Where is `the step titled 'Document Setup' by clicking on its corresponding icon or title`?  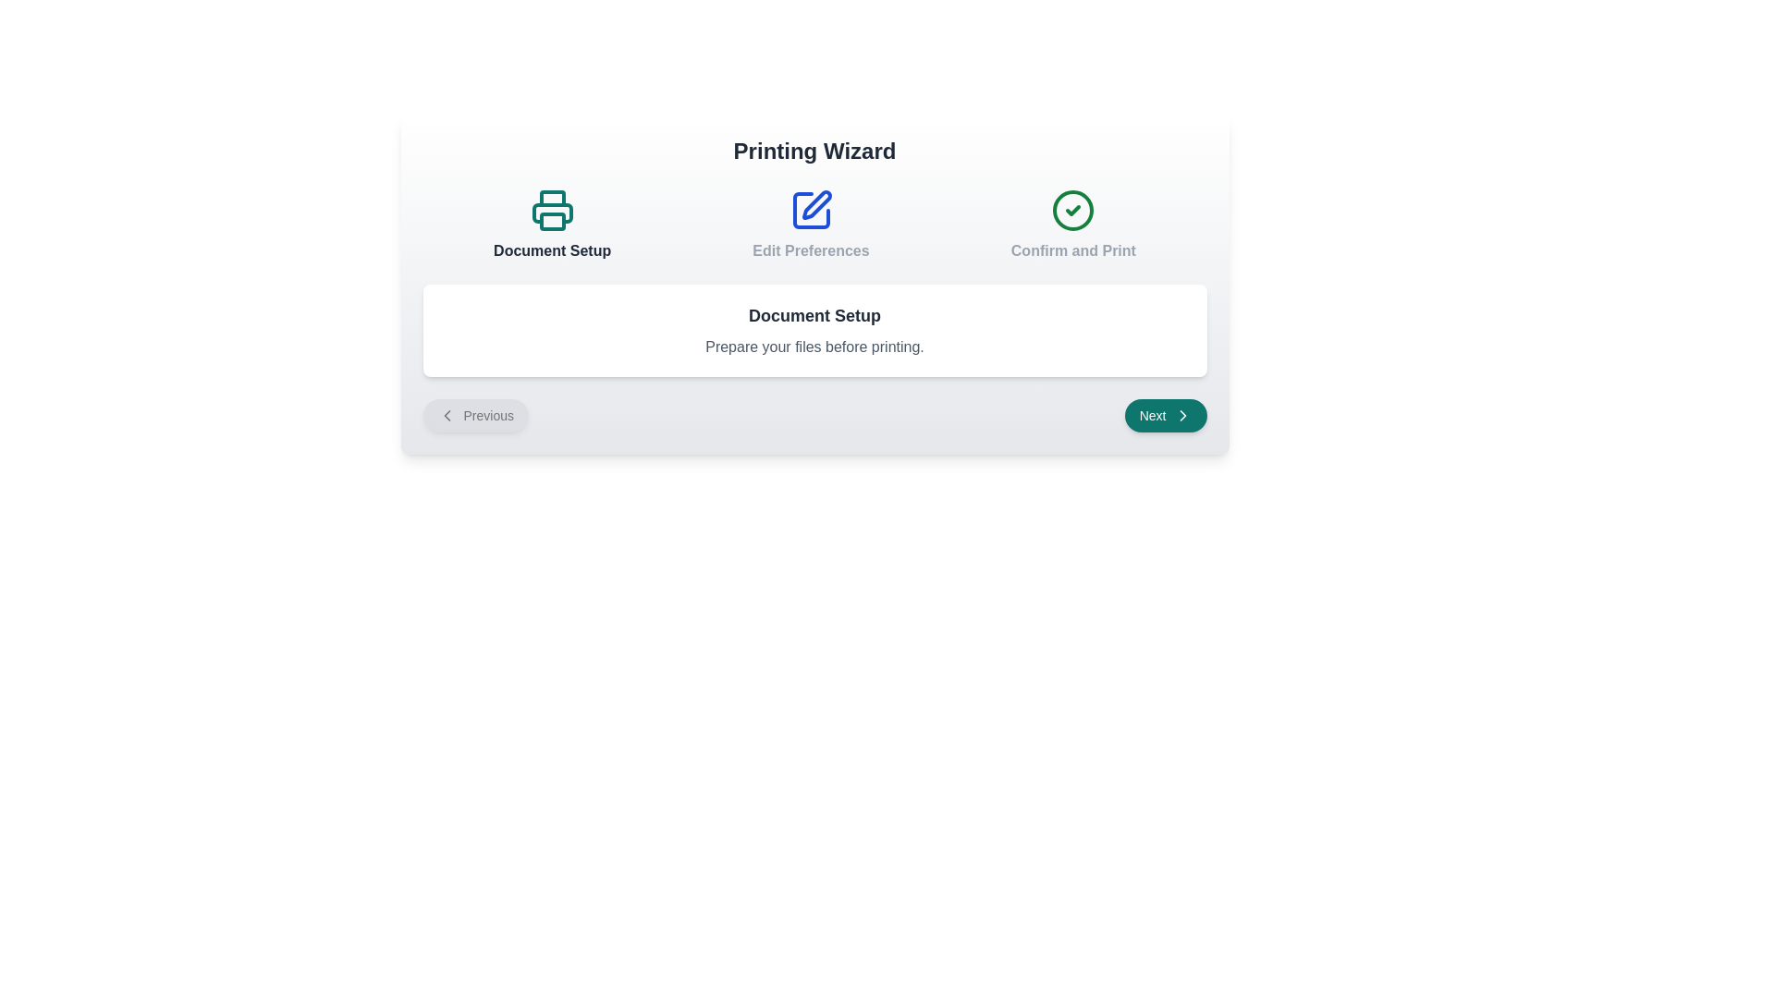
the step titled 'Document Setup' by clicking on its corresponding icon or title is located at coordinates (551, 224).